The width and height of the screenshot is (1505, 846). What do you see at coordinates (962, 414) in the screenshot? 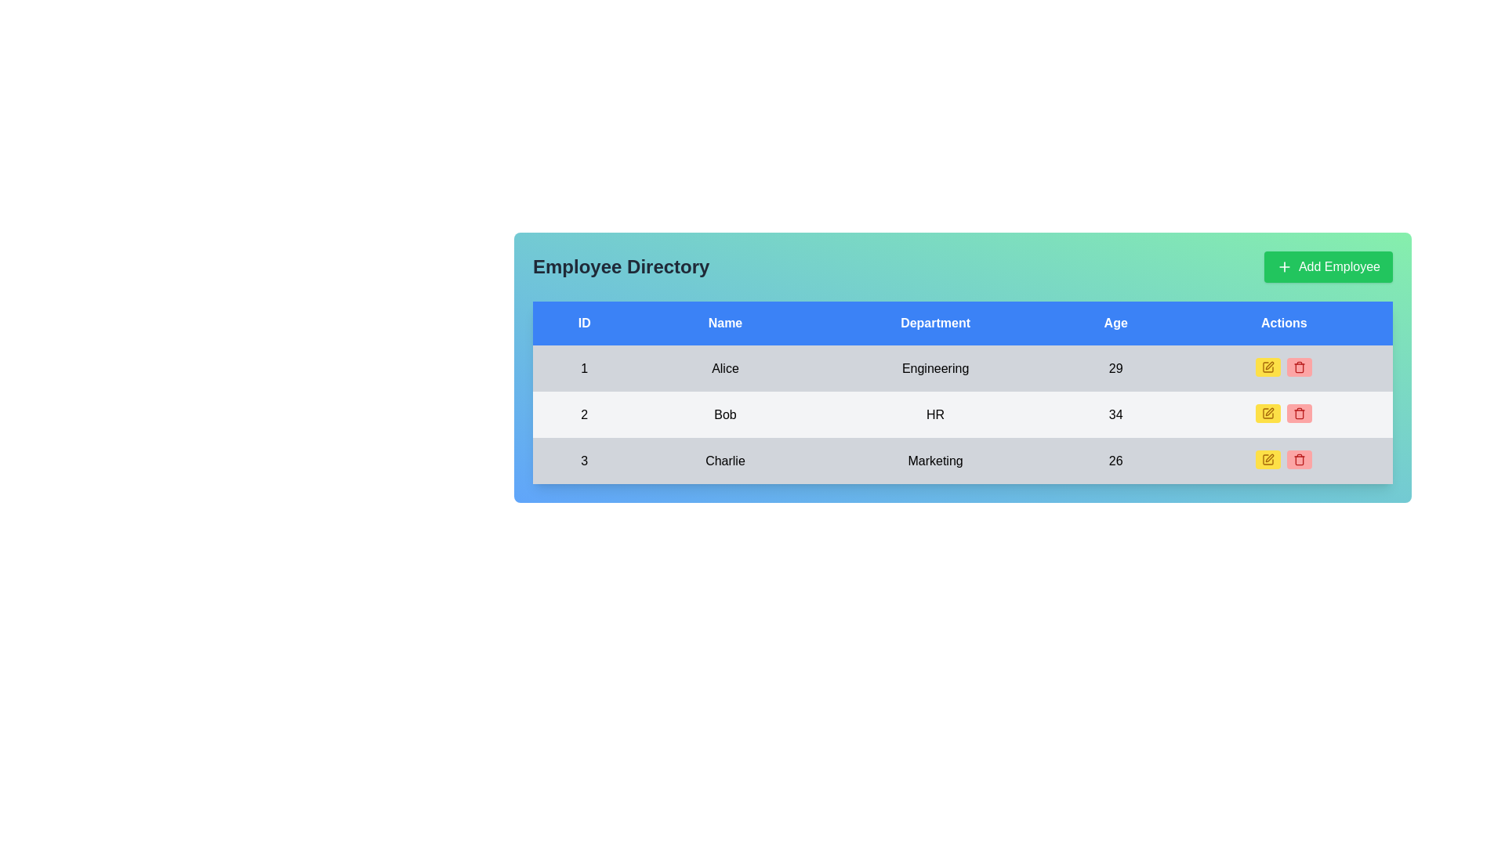
I see `the second row of the Employee Directory table containing the data fields '2', 'Bob', 'HR', '34' and action buttons for edit and delete` at bounding box center [962, 414].